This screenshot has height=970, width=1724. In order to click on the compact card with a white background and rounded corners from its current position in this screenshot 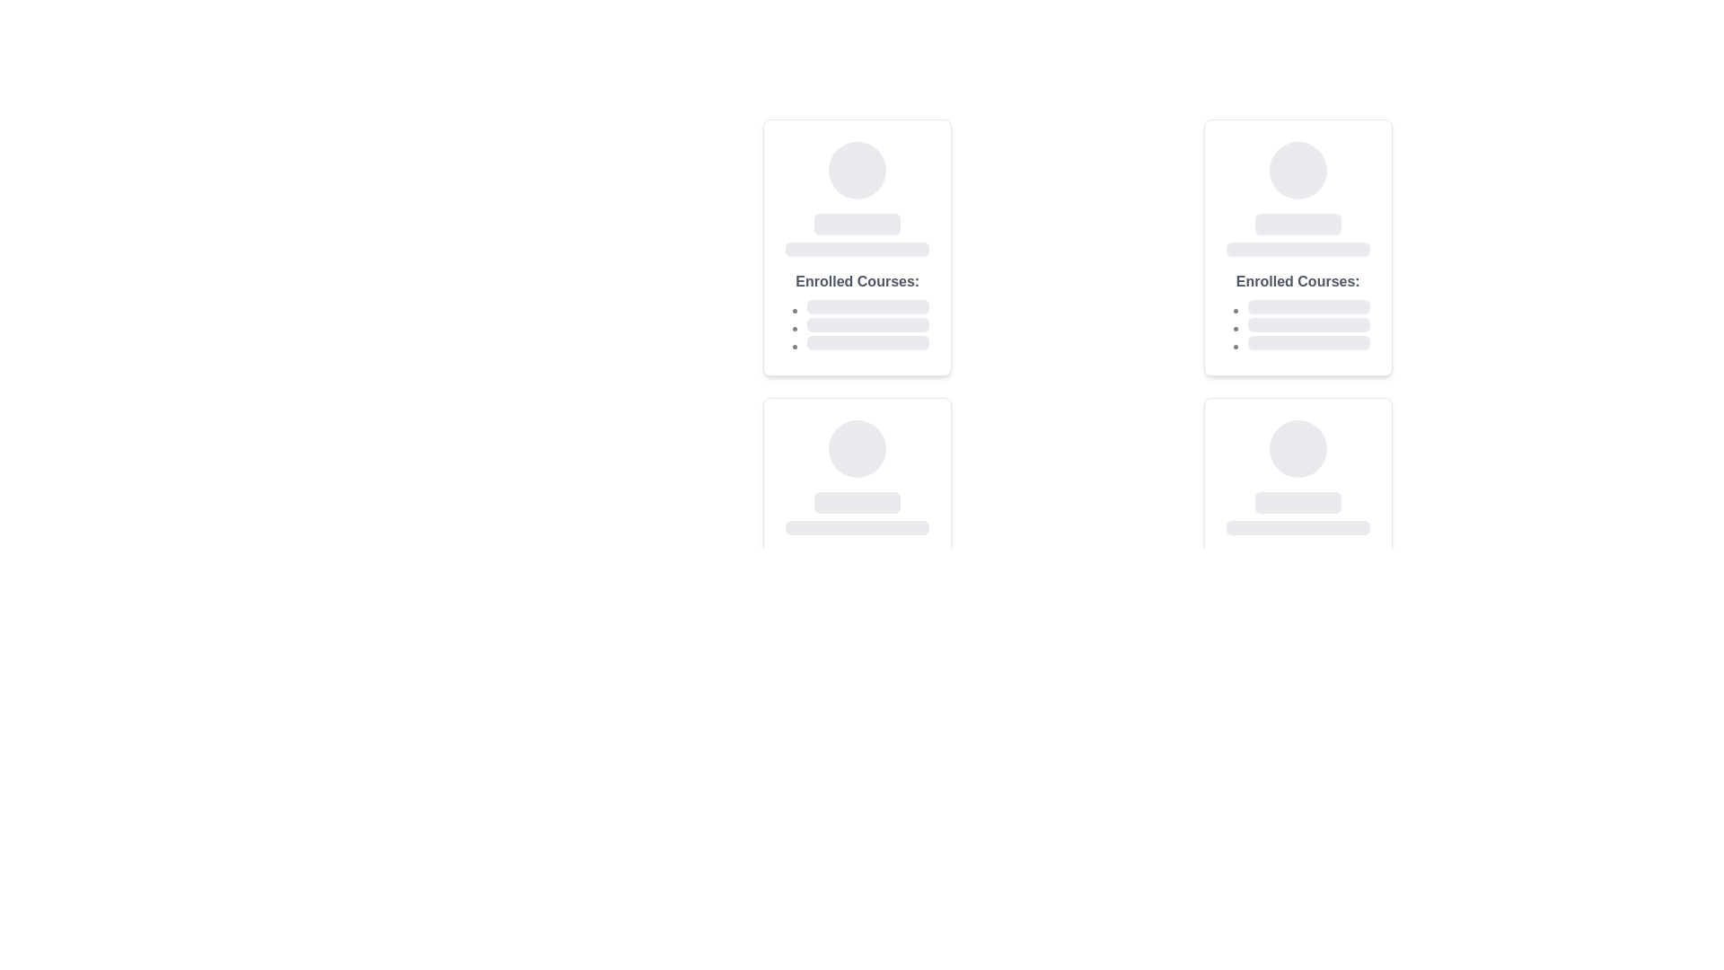, I will do `click(857, 525)`.